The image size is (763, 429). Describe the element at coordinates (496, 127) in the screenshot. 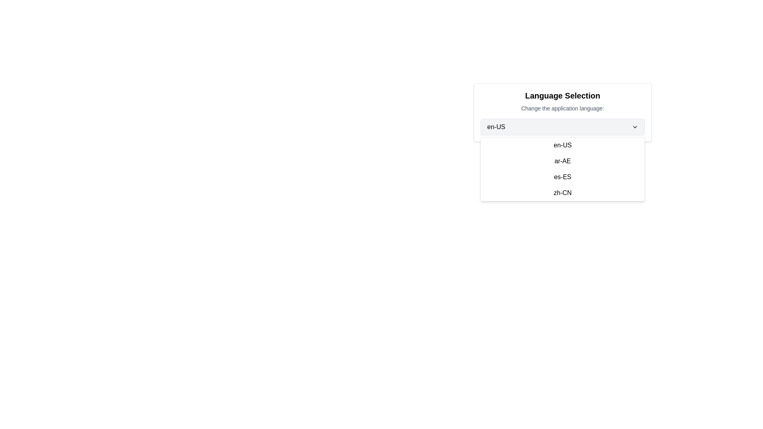

I see `the text label displaying 'en-US' within the language selection dropdown menu, which is styled with a standard sans-serif font and appears on a light gray background` at that location.